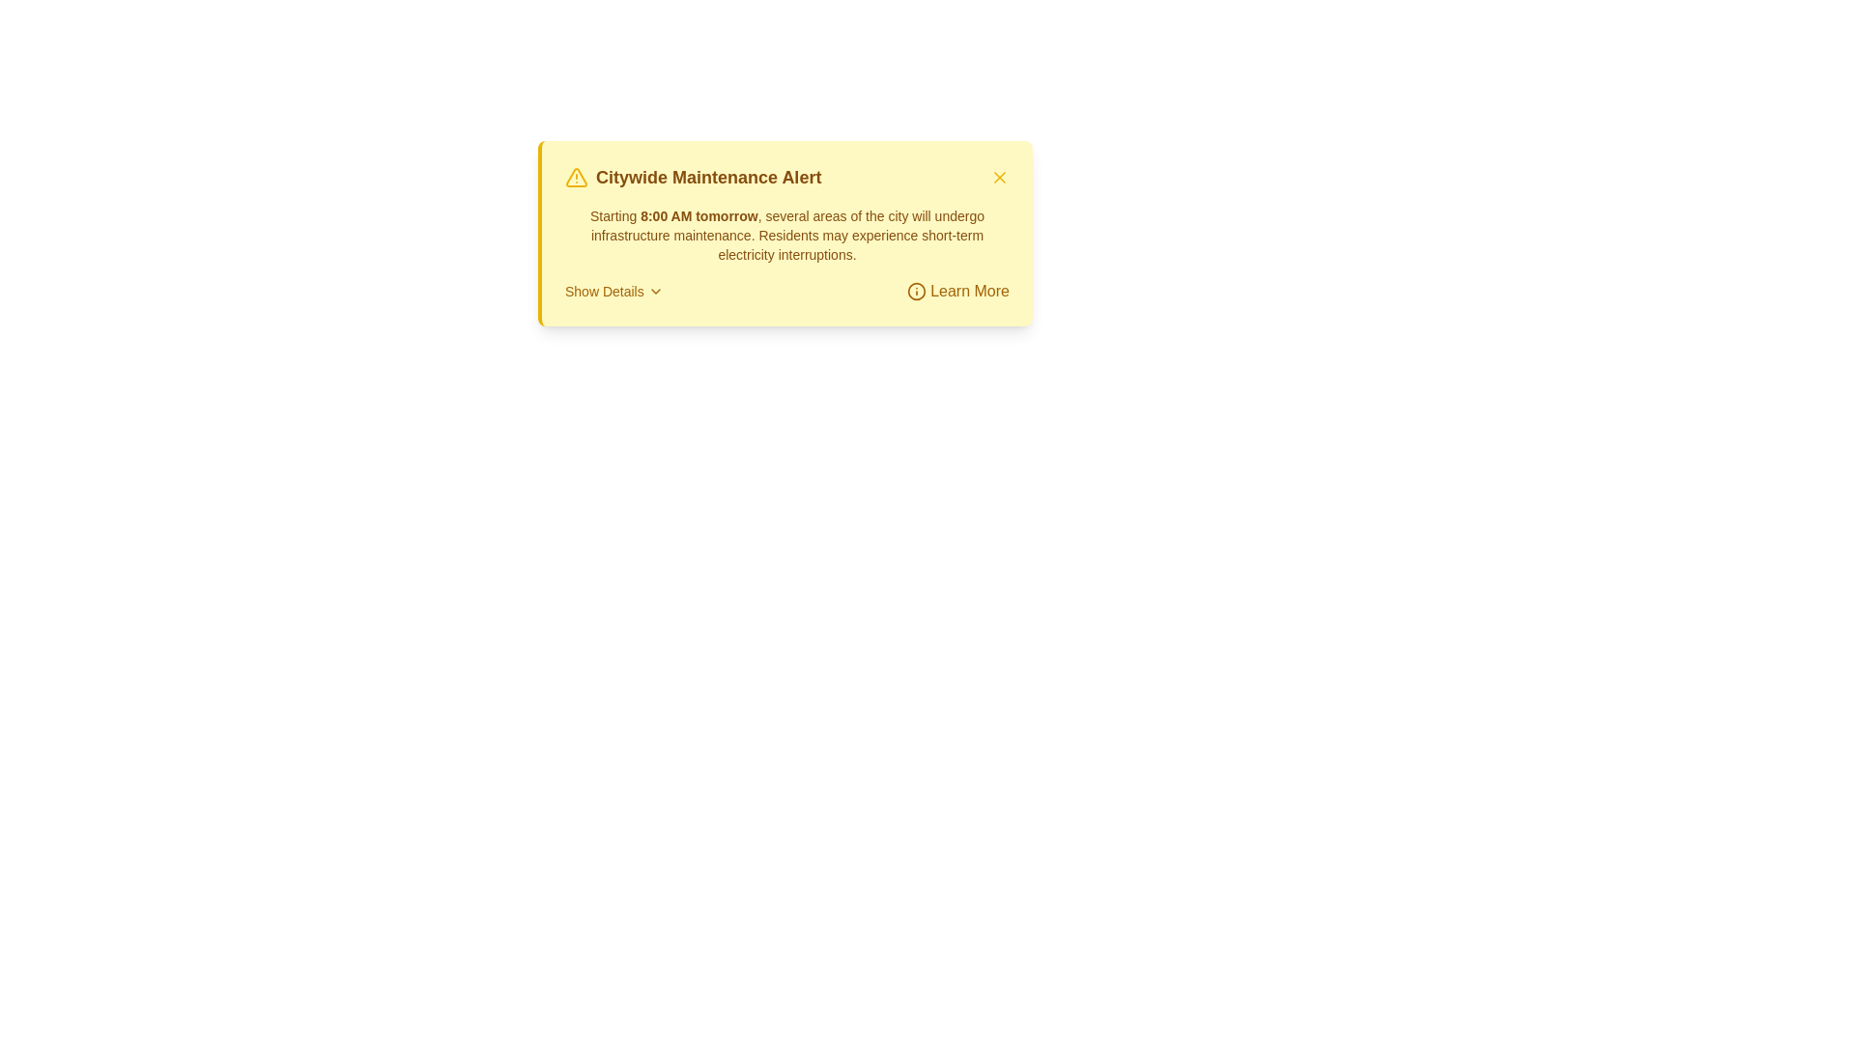 This screenshot has height=1043, width=1855. What do you see at coordinates (699, 215) in the screenshot?
I see `the text label displaying '8:00 AM tomorrow' in a bold, brown font, located within the yellow alert box under the title 'Citywide Maintenance Alert.'` at bounding box center [699, 215].